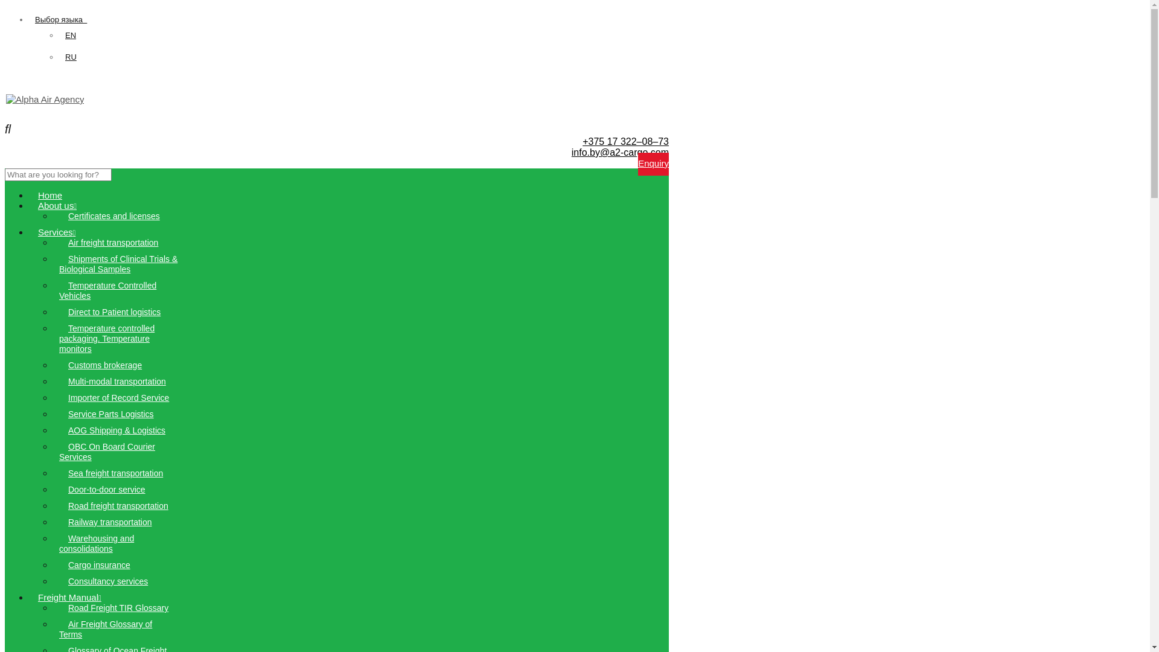 The width and height of the screenshot is (1159, 652). I want to click on 'AOG Shipping & Logistics', so click(117, 430).